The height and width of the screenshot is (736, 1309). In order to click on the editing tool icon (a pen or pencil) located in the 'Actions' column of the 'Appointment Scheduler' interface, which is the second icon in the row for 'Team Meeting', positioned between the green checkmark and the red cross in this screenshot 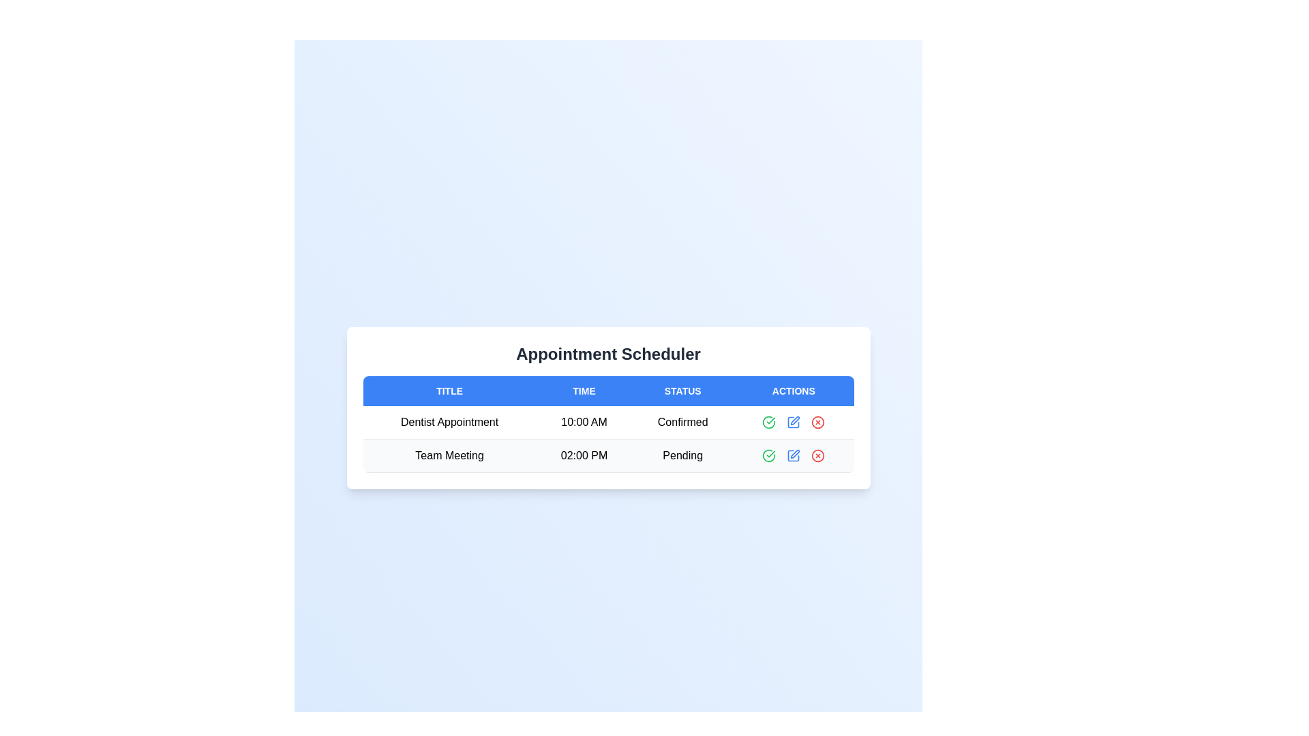, I will do `click(795, 420)`.